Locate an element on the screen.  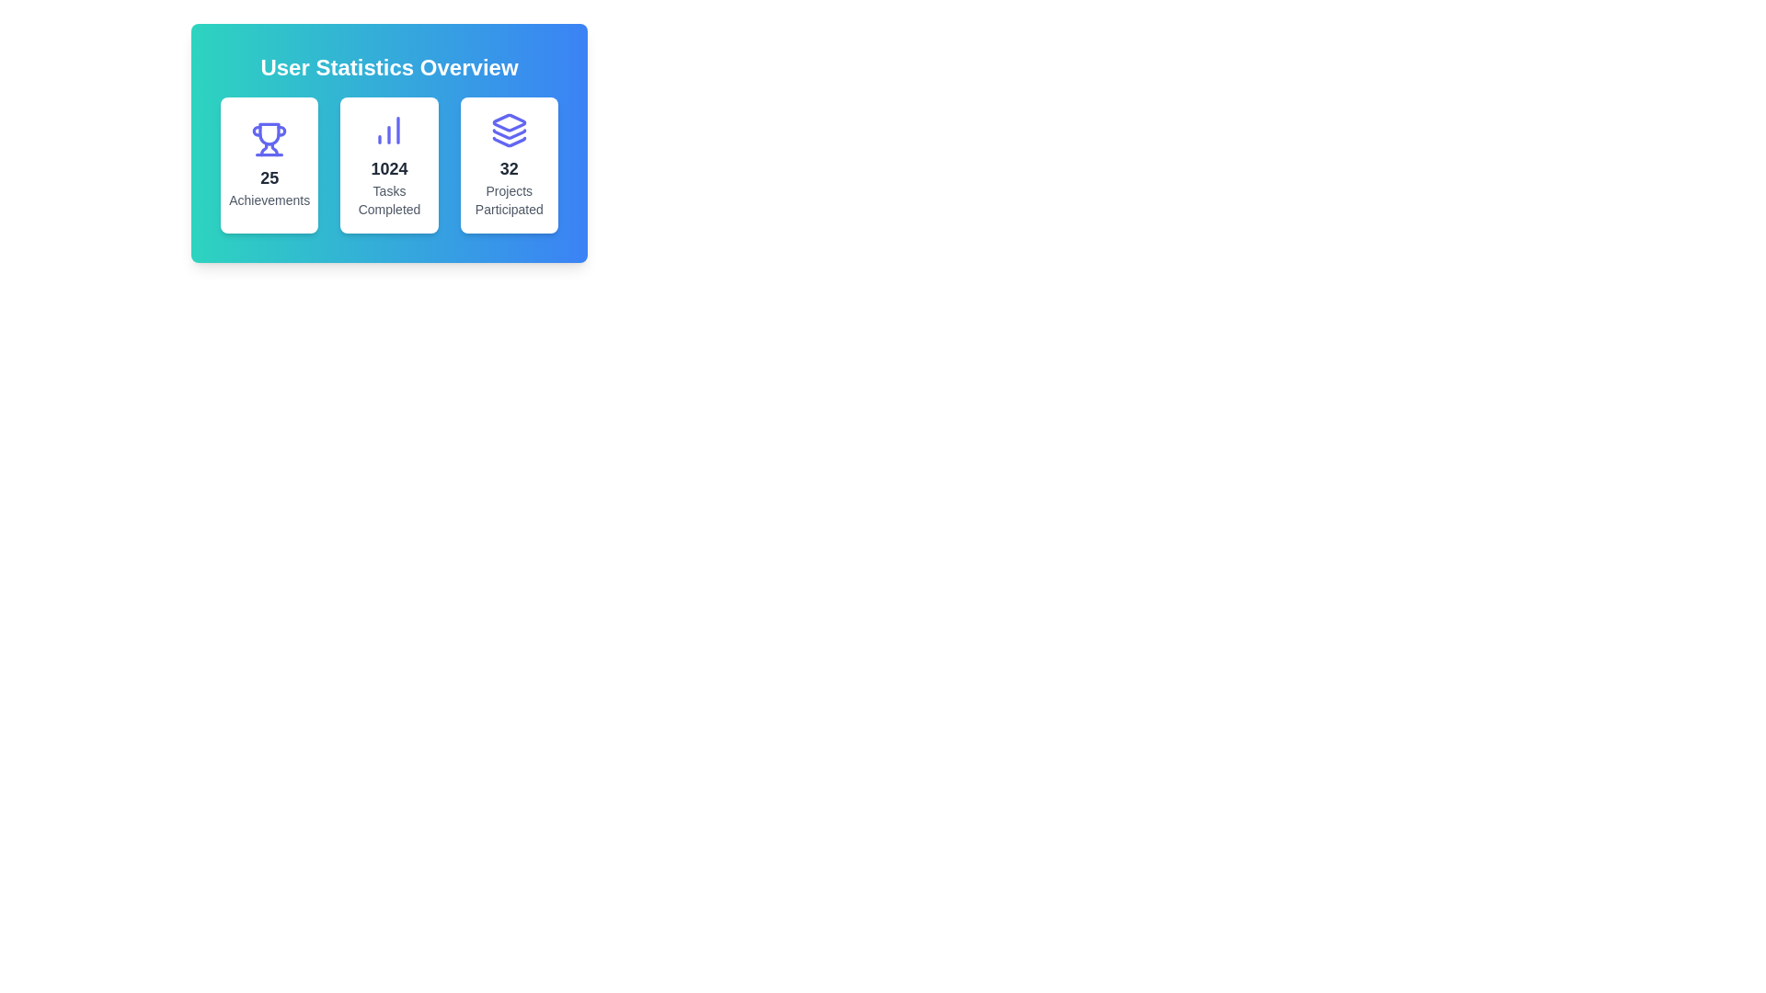
static text label that displays 'User Statistics Overview', which is a large bold text centrally aligned at the top of the card is located at coordinates (388, 66).